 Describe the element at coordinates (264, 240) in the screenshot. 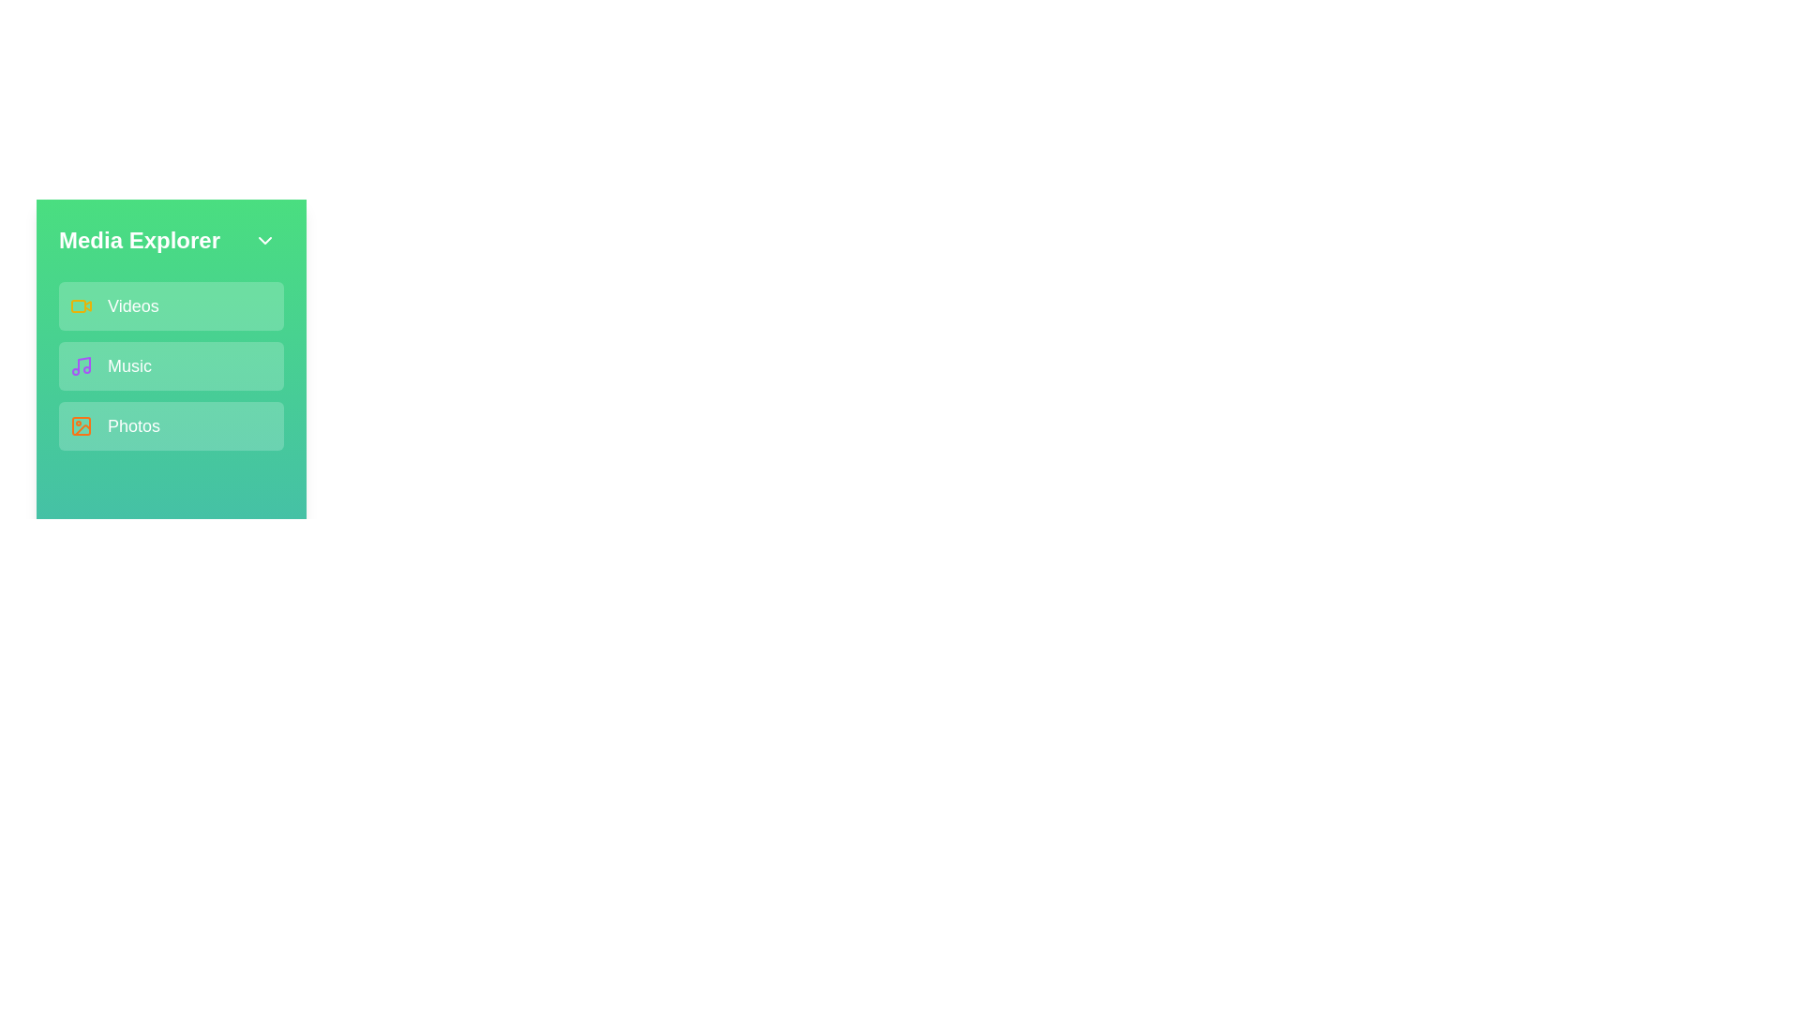

I see `the chevron button to toggle the menu state` at that location.